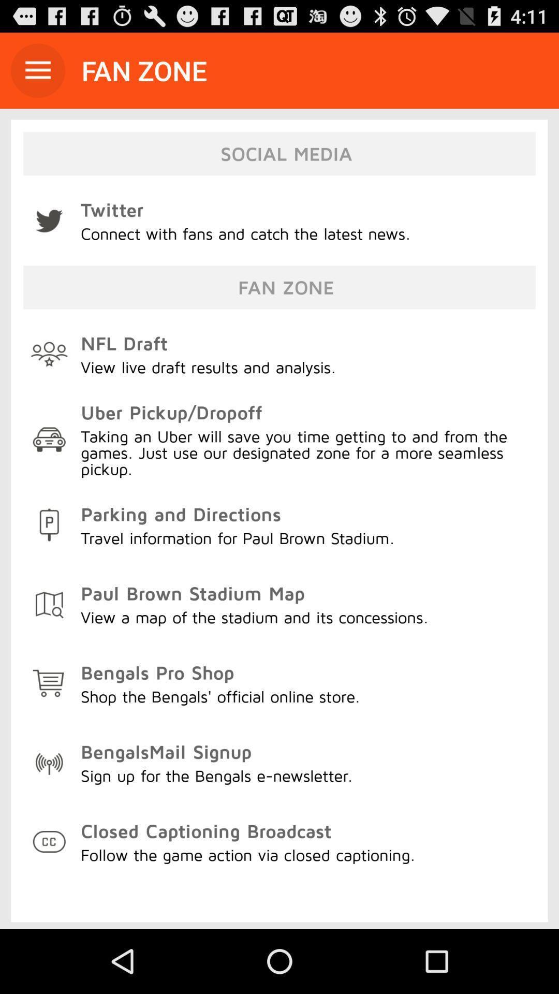 The image size is (559, 994). I want to click on item above the twitter, so click(37, 70).